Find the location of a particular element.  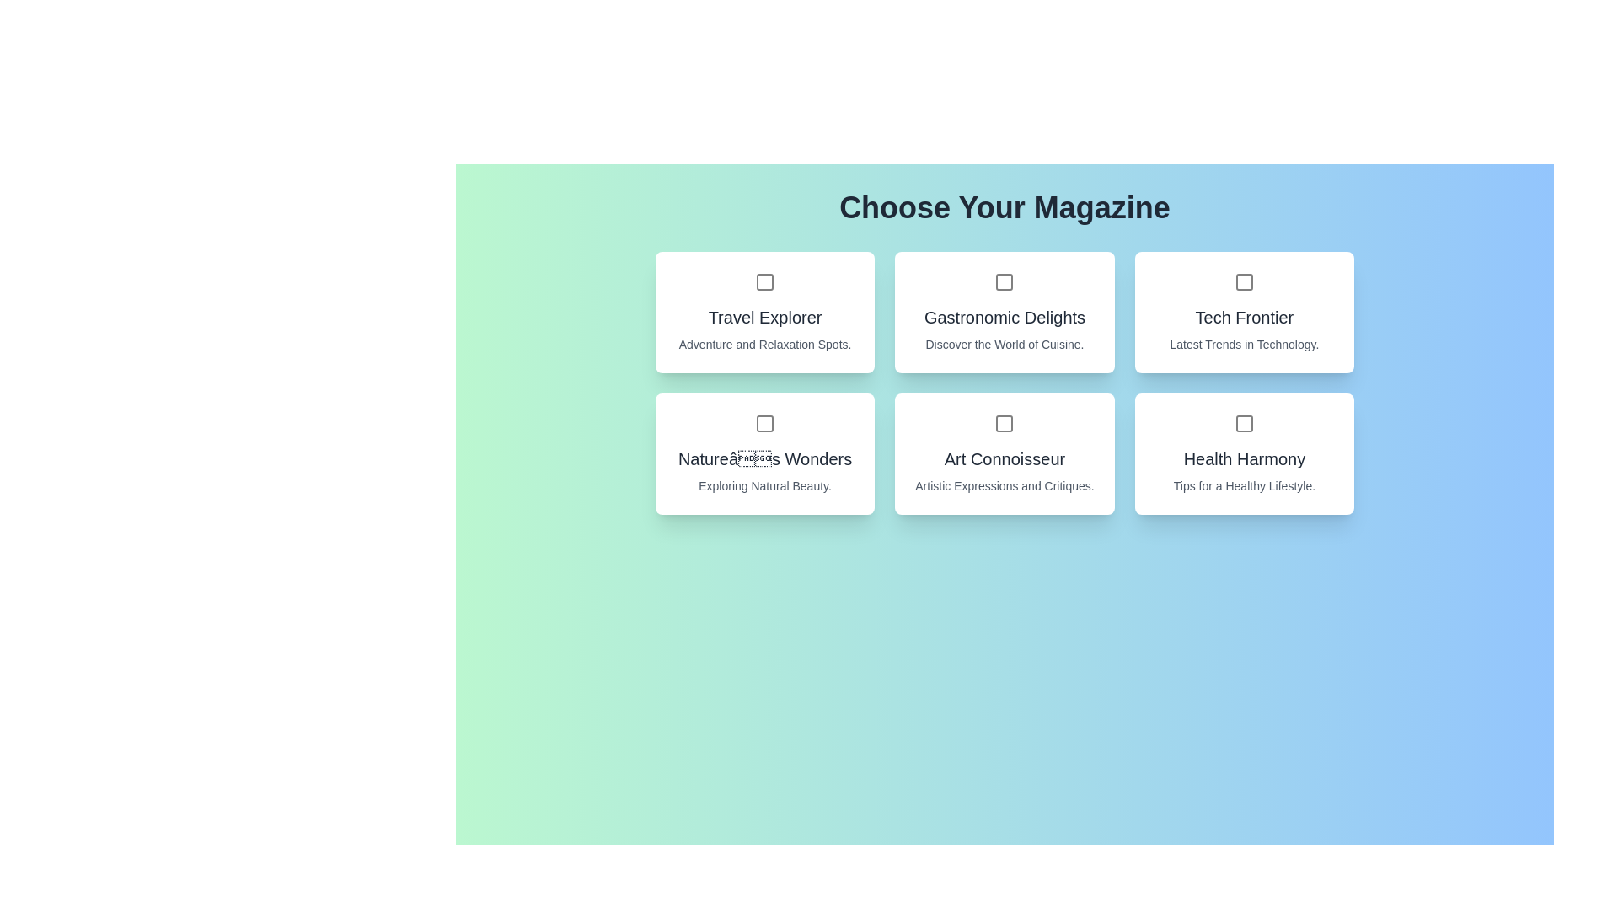

the magazine card for Tech Frontier is located at coordinates (1244, 312).